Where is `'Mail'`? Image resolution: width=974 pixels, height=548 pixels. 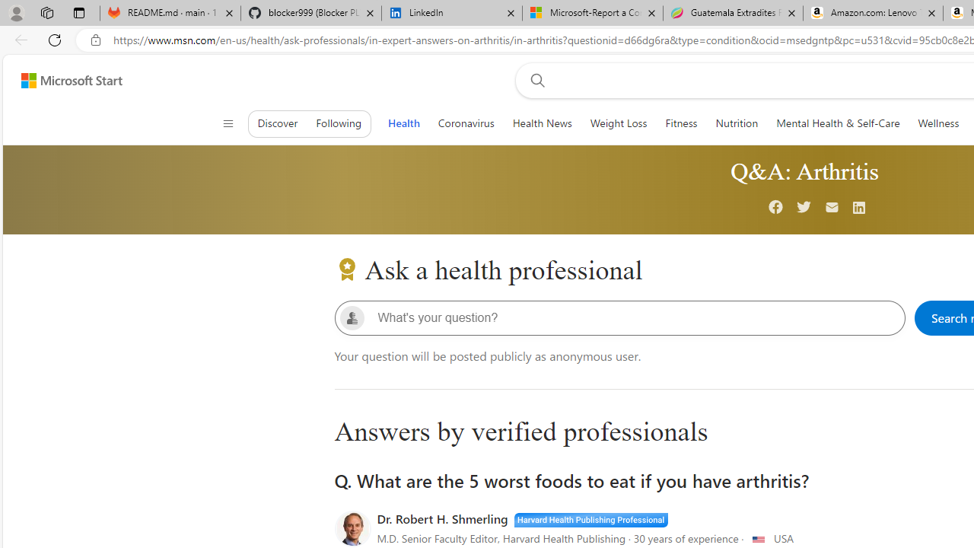
'Mail' is located at coordinates (832, 208).